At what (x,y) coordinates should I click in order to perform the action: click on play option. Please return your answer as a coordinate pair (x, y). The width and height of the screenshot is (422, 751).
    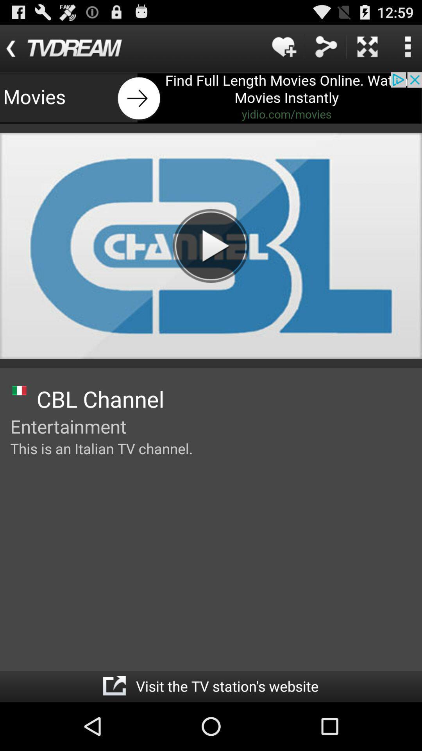
    Looking at the image, I should click on (210, 245).